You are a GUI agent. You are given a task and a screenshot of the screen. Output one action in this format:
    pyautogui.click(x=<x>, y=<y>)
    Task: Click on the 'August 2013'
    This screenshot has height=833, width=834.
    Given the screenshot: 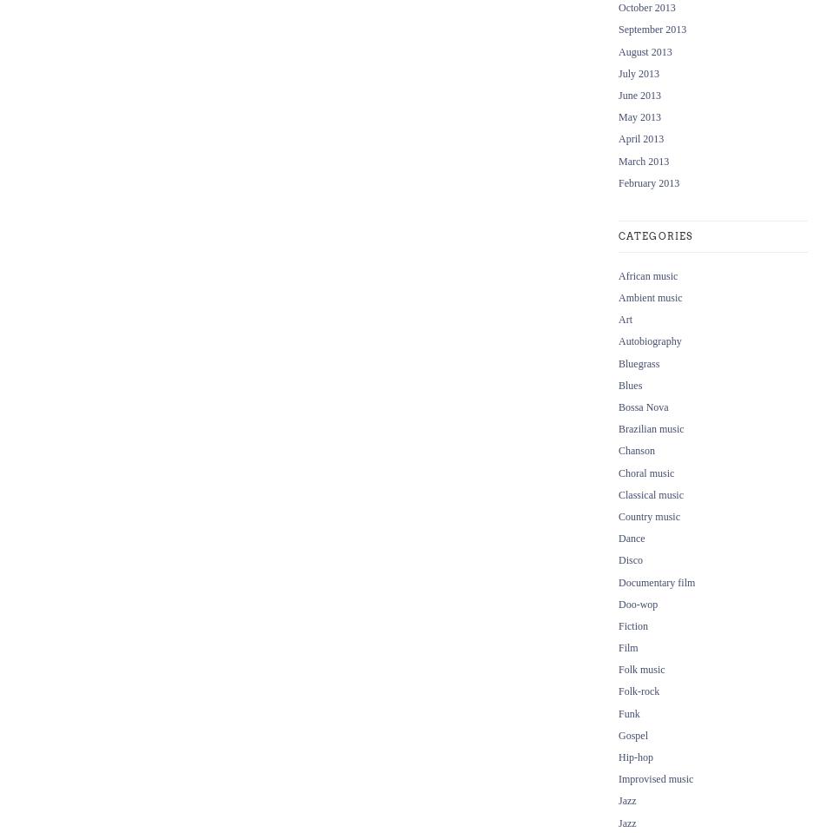 What is the action you would take?
    pyautogui.click(x=644, y=50)
    